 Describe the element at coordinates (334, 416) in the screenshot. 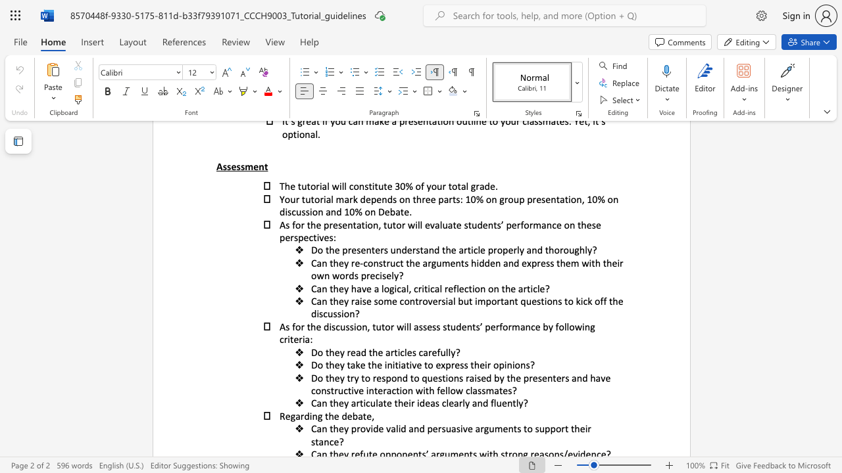

I see `the subset text "e deb" within the text "the debate,"` at that location.